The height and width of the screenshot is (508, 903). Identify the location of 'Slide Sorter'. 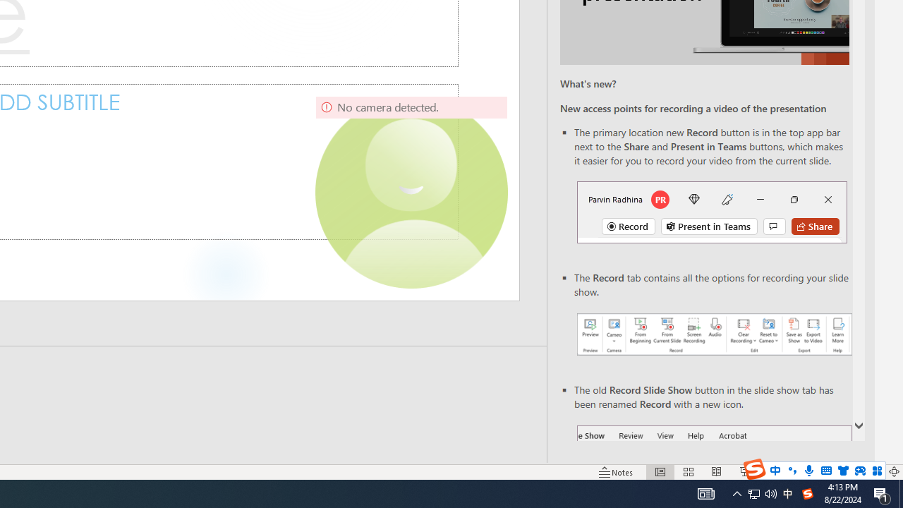
(689, 472).